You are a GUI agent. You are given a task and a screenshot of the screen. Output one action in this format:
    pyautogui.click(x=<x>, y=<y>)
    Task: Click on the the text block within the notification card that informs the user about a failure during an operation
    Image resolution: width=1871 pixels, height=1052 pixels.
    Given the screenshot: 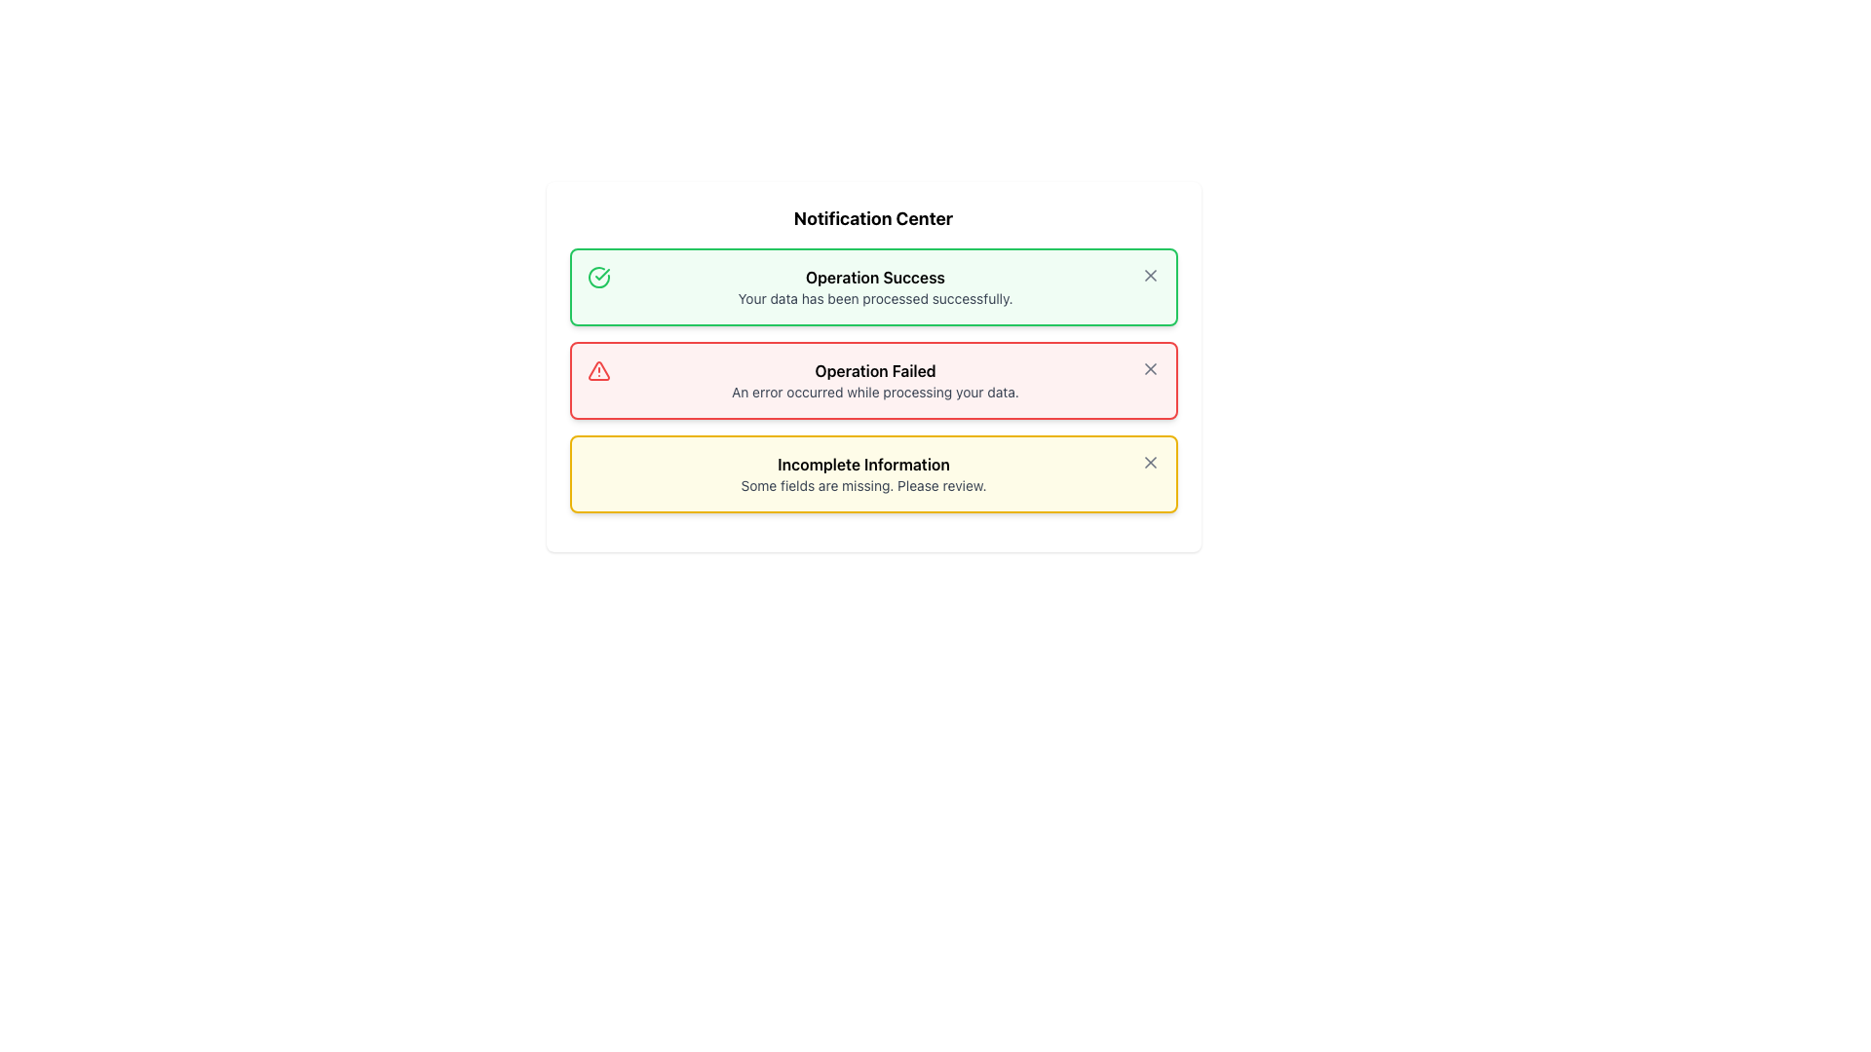 What is the action you would take?
    pyautogui.click(x=874, y=380)
    